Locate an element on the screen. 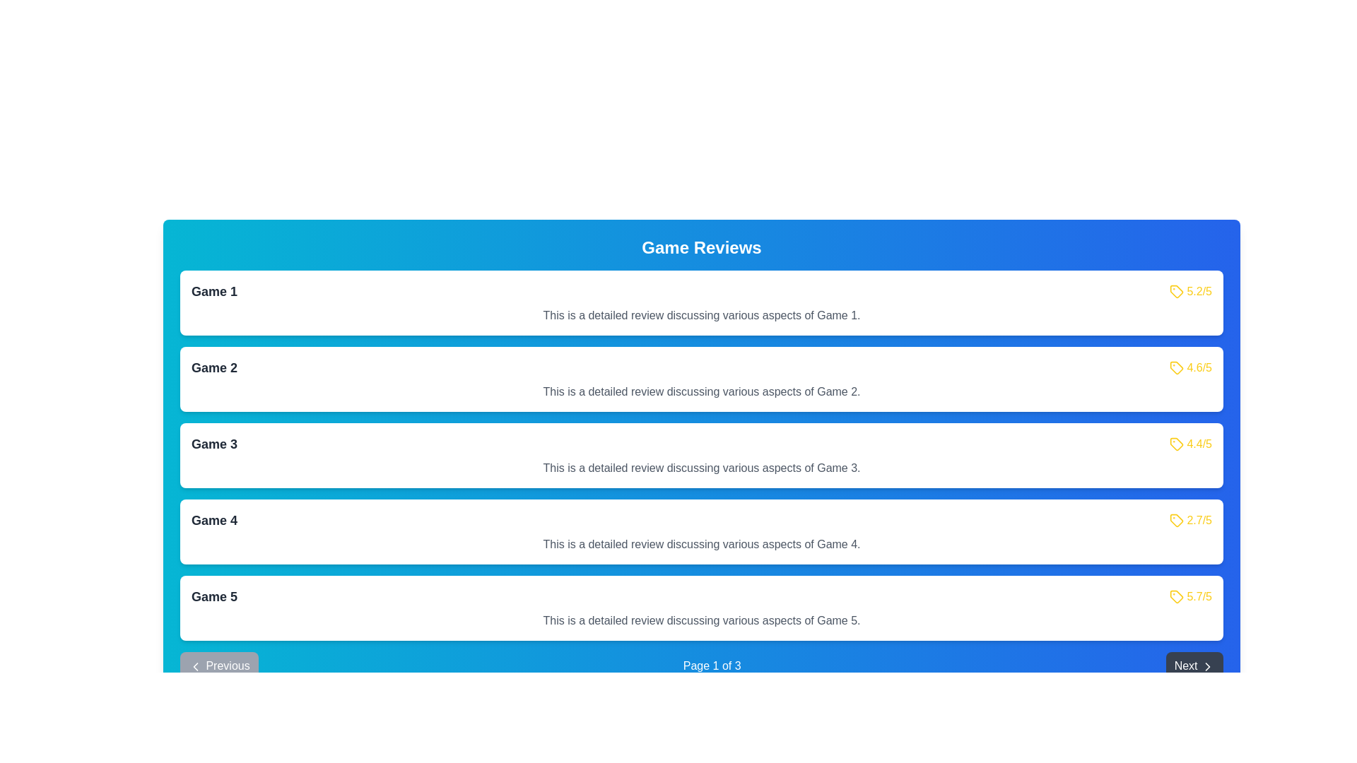 Image resolution: width=1357 pixels, height=763 pixels. informational text displayed in the review card for 'Game 1', located below the game title and rating is located at coordinates (702, 315).